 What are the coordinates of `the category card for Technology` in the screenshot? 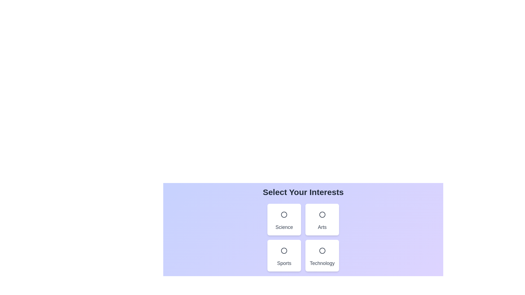 It's located at (322, 256).